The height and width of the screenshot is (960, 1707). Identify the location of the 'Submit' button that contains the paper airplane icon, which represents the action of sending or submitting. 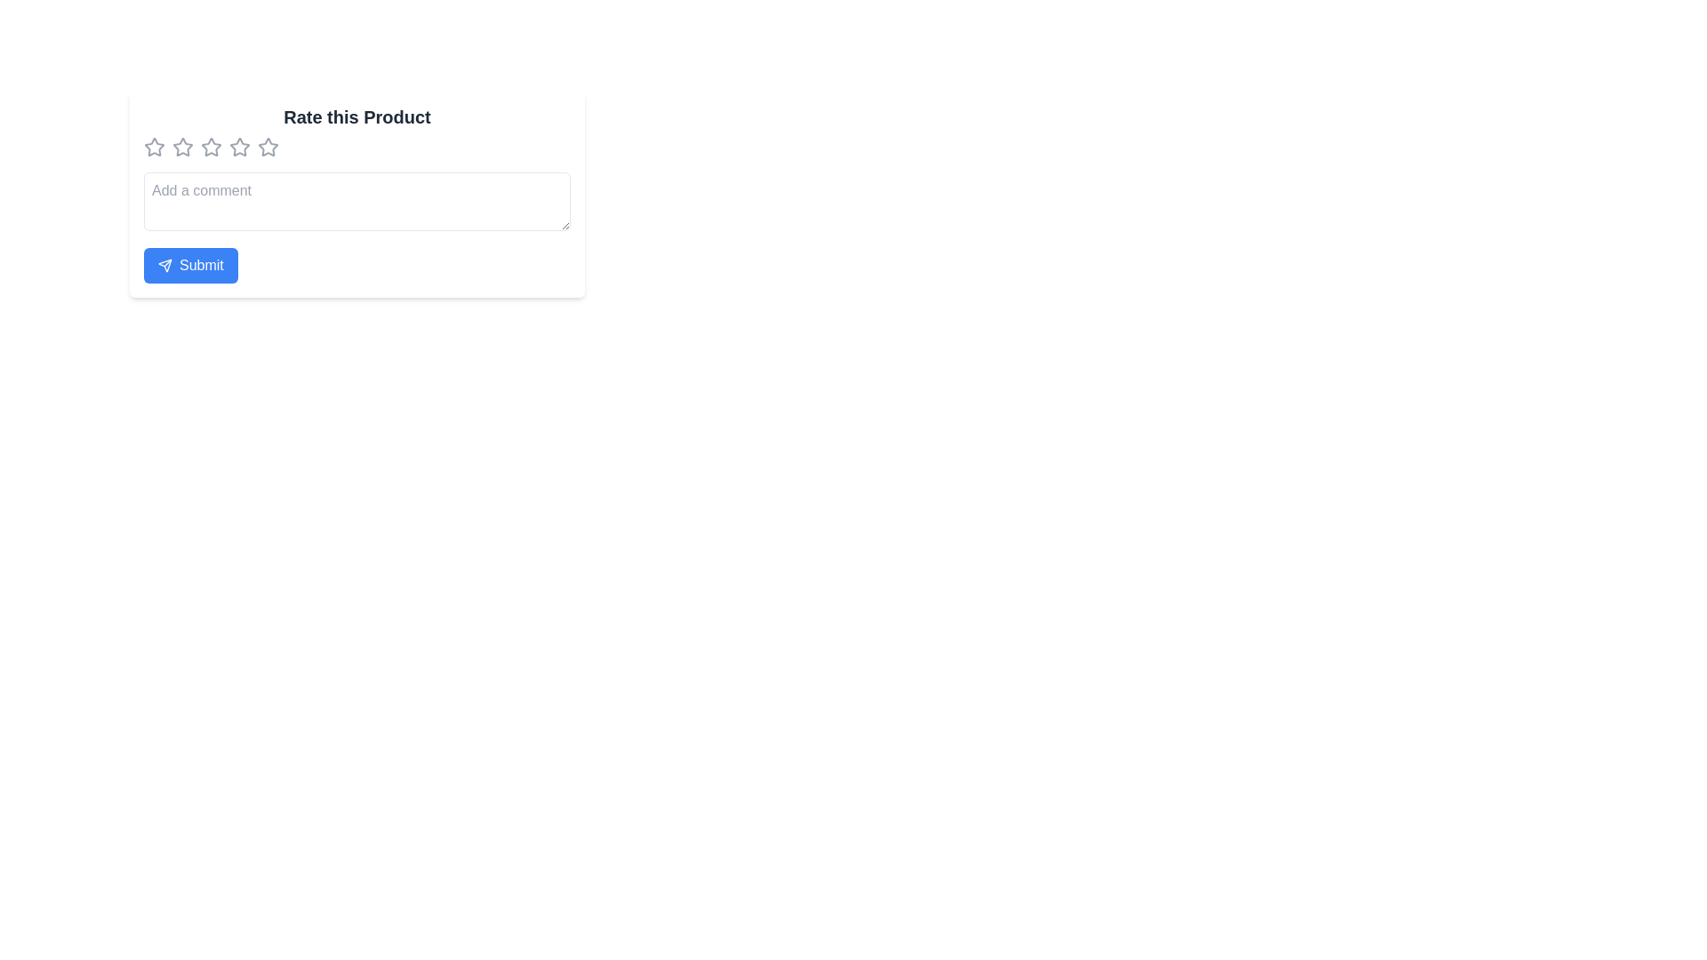
(165, 266).